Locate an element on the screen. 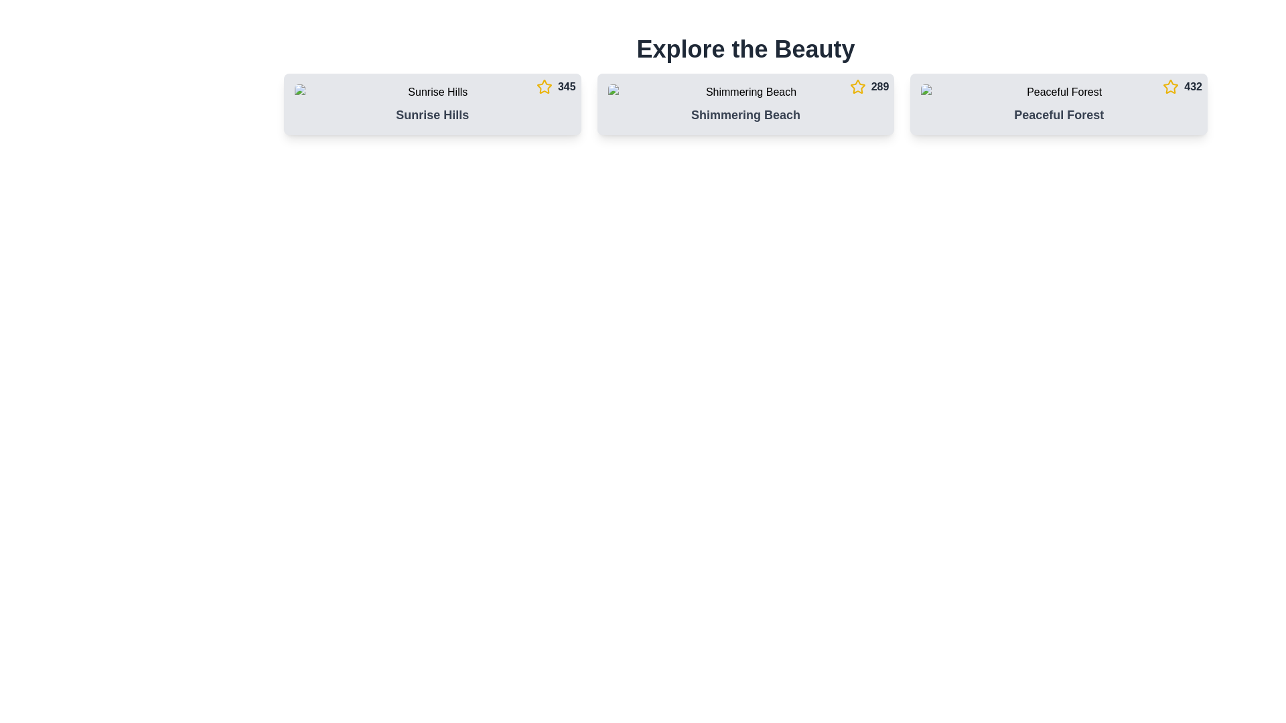 This screenshot has width=1286, height=723. the star icon indicating a rating of 289 at the top-right corner of the 'Shimmering Beach' card is located at coordinates (869, 87).